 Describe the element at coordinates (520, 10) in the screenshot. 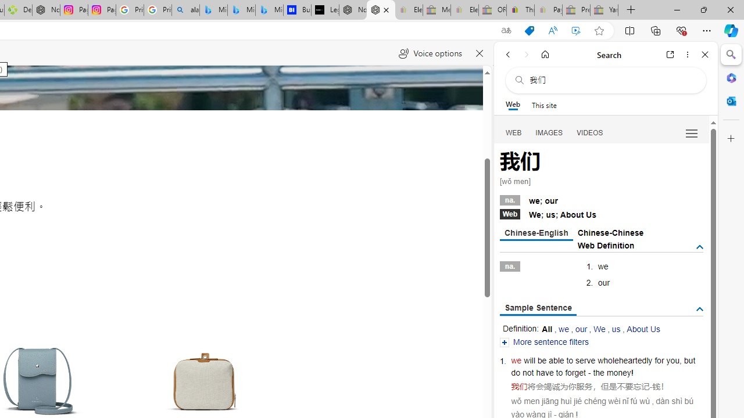

I see `'Threats and offensive language policy | eBay'` at that location.